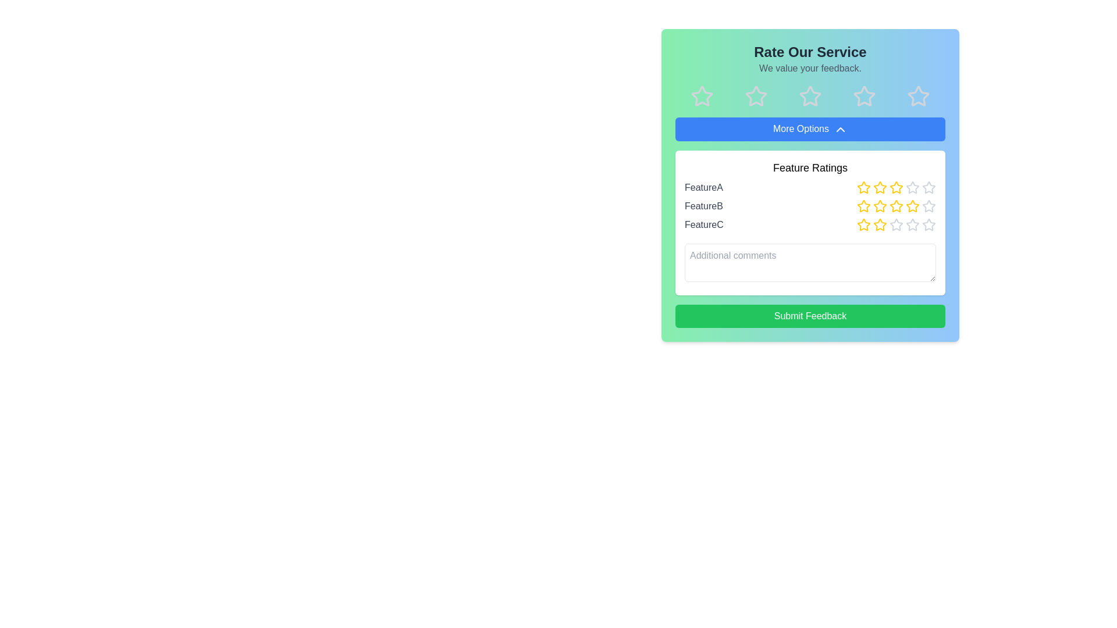 The height and width of the screenshot is (628, 1117). What do you see at coordinates (912, 186) in the screenshot?
I see `the third star-shaped rating icon in the 'Feature Ratings' section to rate it` at bounding box center [912, 186].